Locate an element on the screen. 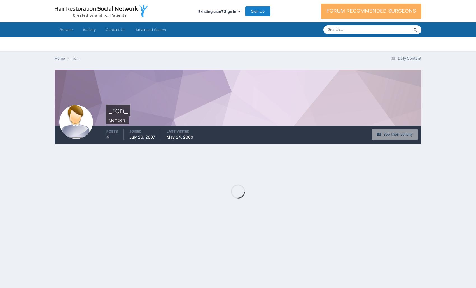 The width and height of the screenshot is (476, 288). 'Topics' is located at coordinates (372, 50).